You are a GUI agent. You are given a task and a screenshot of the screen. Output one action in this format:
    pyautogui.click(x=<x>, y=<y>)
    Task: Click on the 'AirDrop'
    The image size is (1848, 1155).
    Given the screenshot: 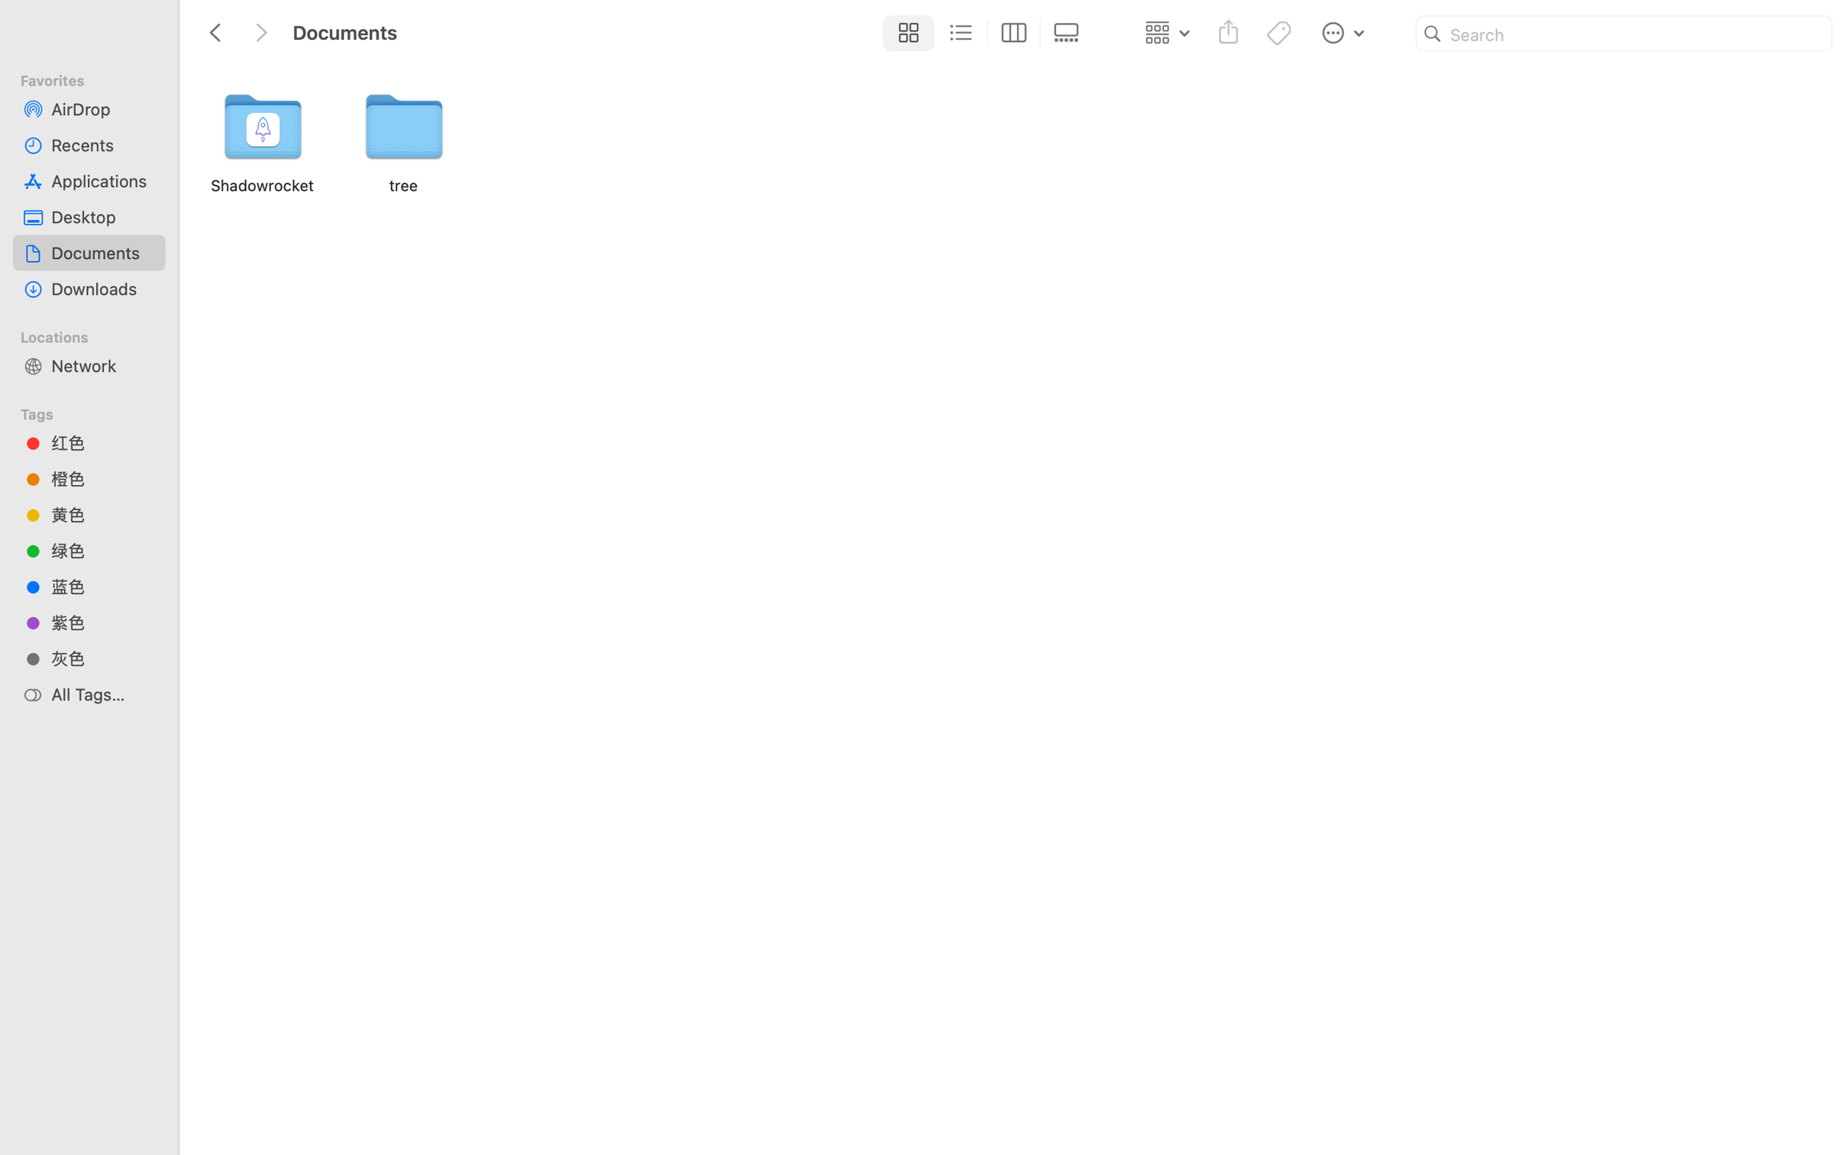 What is the action you would take?
    pyautogui.click(x=102, y=108)
    